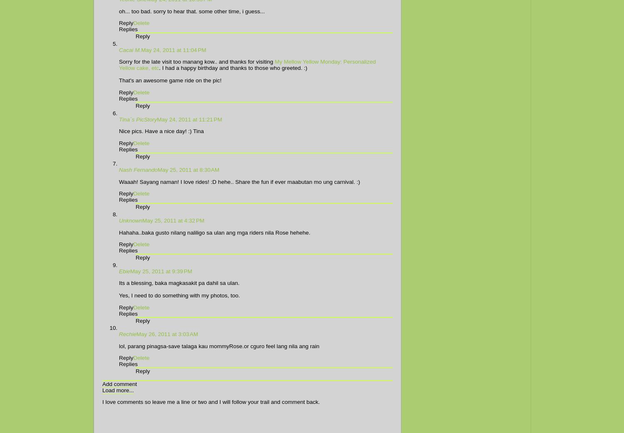 The height and width of the screenshot is (433, 624). Describe the element at coordinates (102, 389) in the screenshot. I see `'Load more...'` at that location.